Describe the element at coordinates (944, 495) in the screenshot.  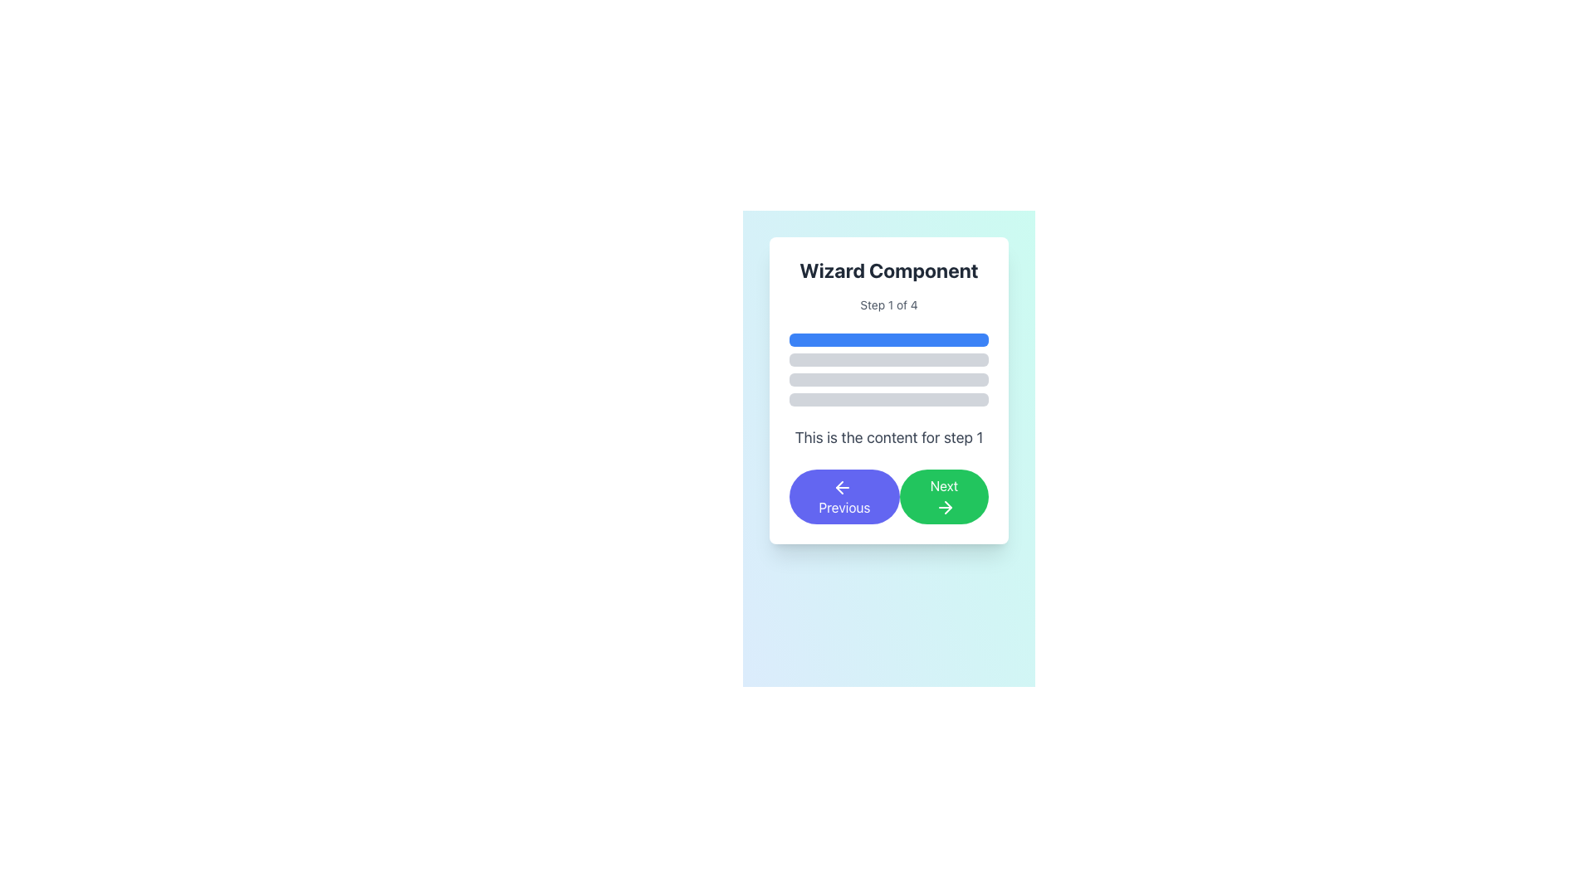
I see `the green 'Next' button with rounded corners and white text to proceed to the next step in the wizard navigation` at that location.